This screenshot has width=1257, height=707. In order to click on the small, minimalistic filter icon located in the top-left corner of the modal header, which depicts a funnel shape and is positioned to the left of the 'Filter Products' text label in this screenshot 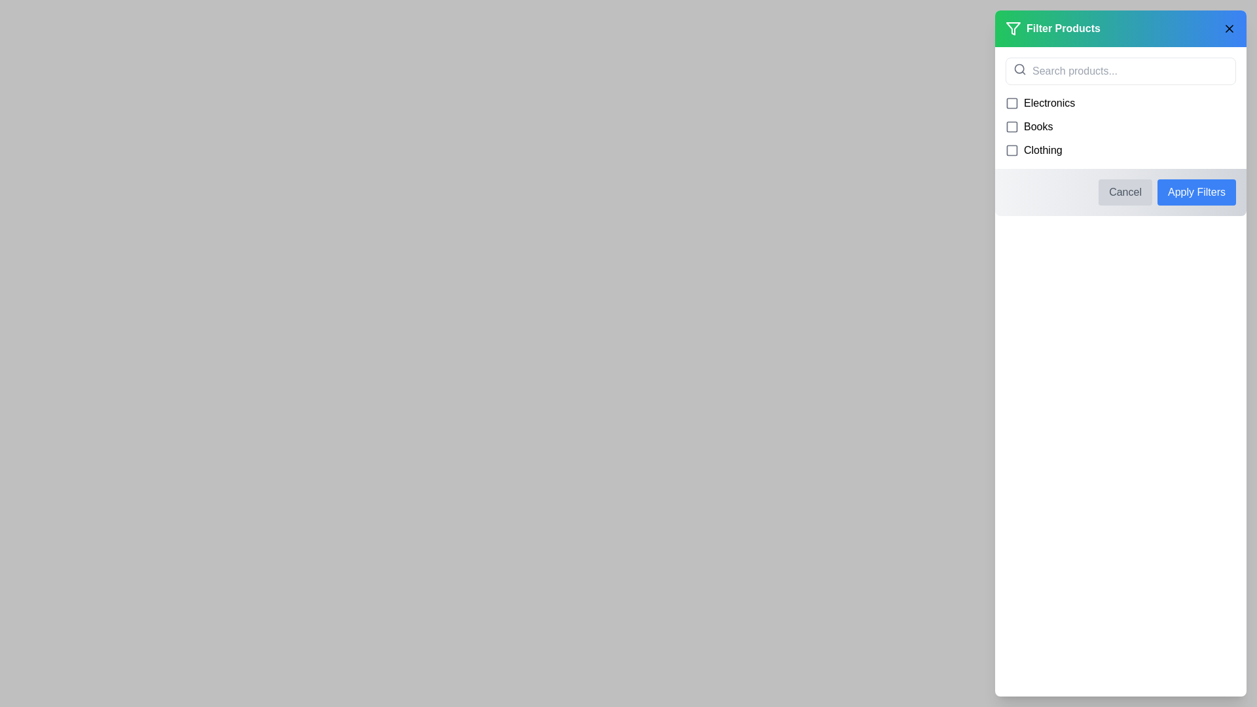, I will do `click(1013, 28)`.